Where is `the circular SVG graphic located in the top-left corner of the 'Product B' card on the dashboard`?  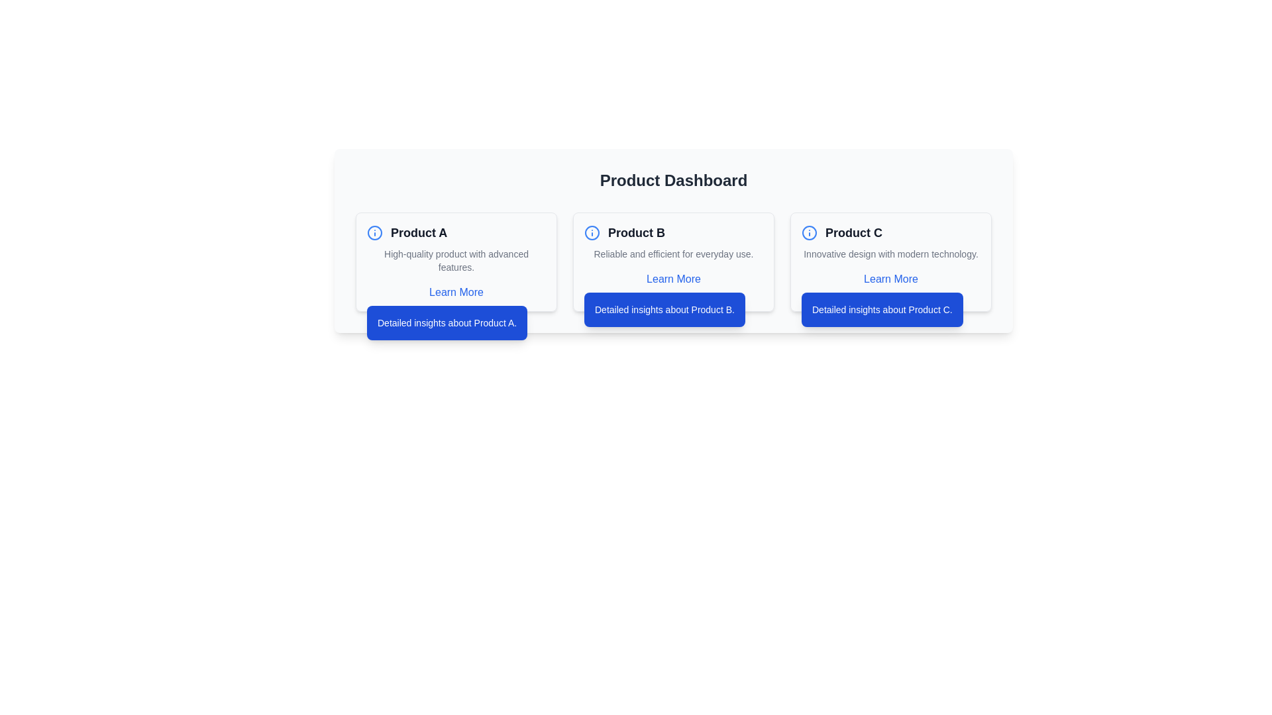
the circular SVG graphic located in the top-left corner of the 'Product B' card on the dashboard is located at coordinates (591, 232).